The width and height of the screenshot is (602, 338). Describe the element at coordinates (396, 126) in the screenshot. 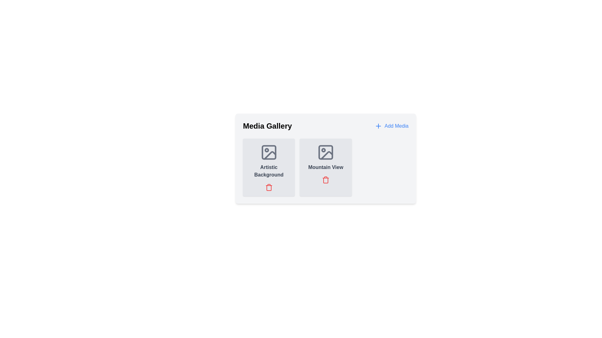

I see `the text link or button adjacent to the '+' icon` at that location.